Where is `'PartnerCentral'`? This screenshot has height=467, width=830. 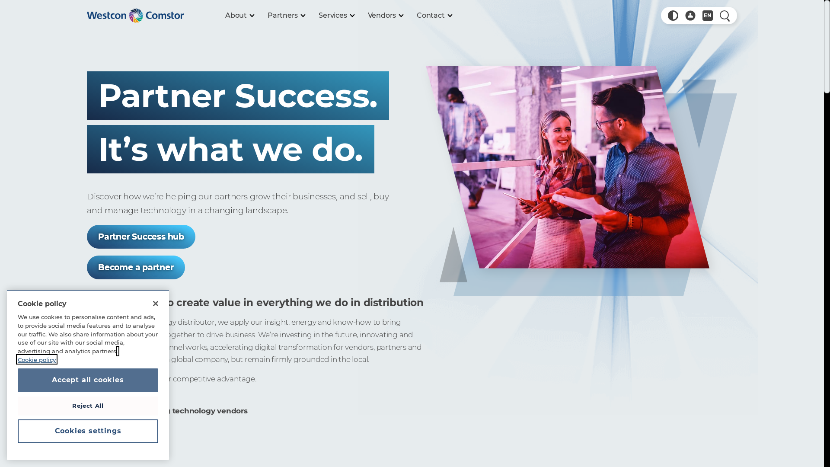
'PartnerCentral' is located at coordinates (690, 15).